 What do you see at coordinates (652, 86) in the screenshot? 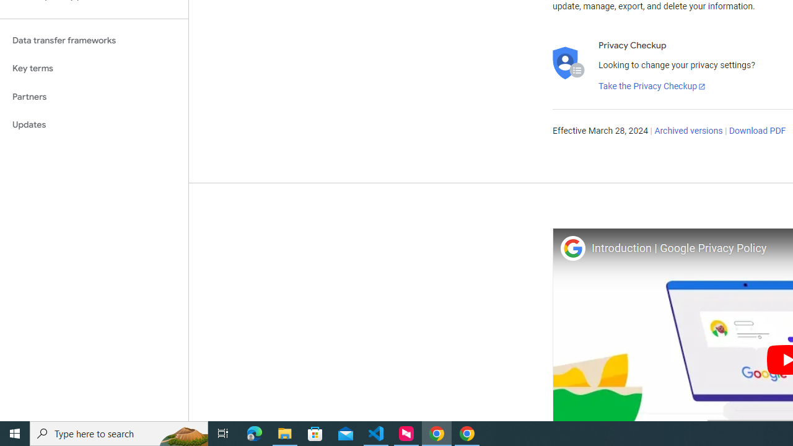
I see `'Take the Privacy Checkup'` at bounding box center [652, 86].